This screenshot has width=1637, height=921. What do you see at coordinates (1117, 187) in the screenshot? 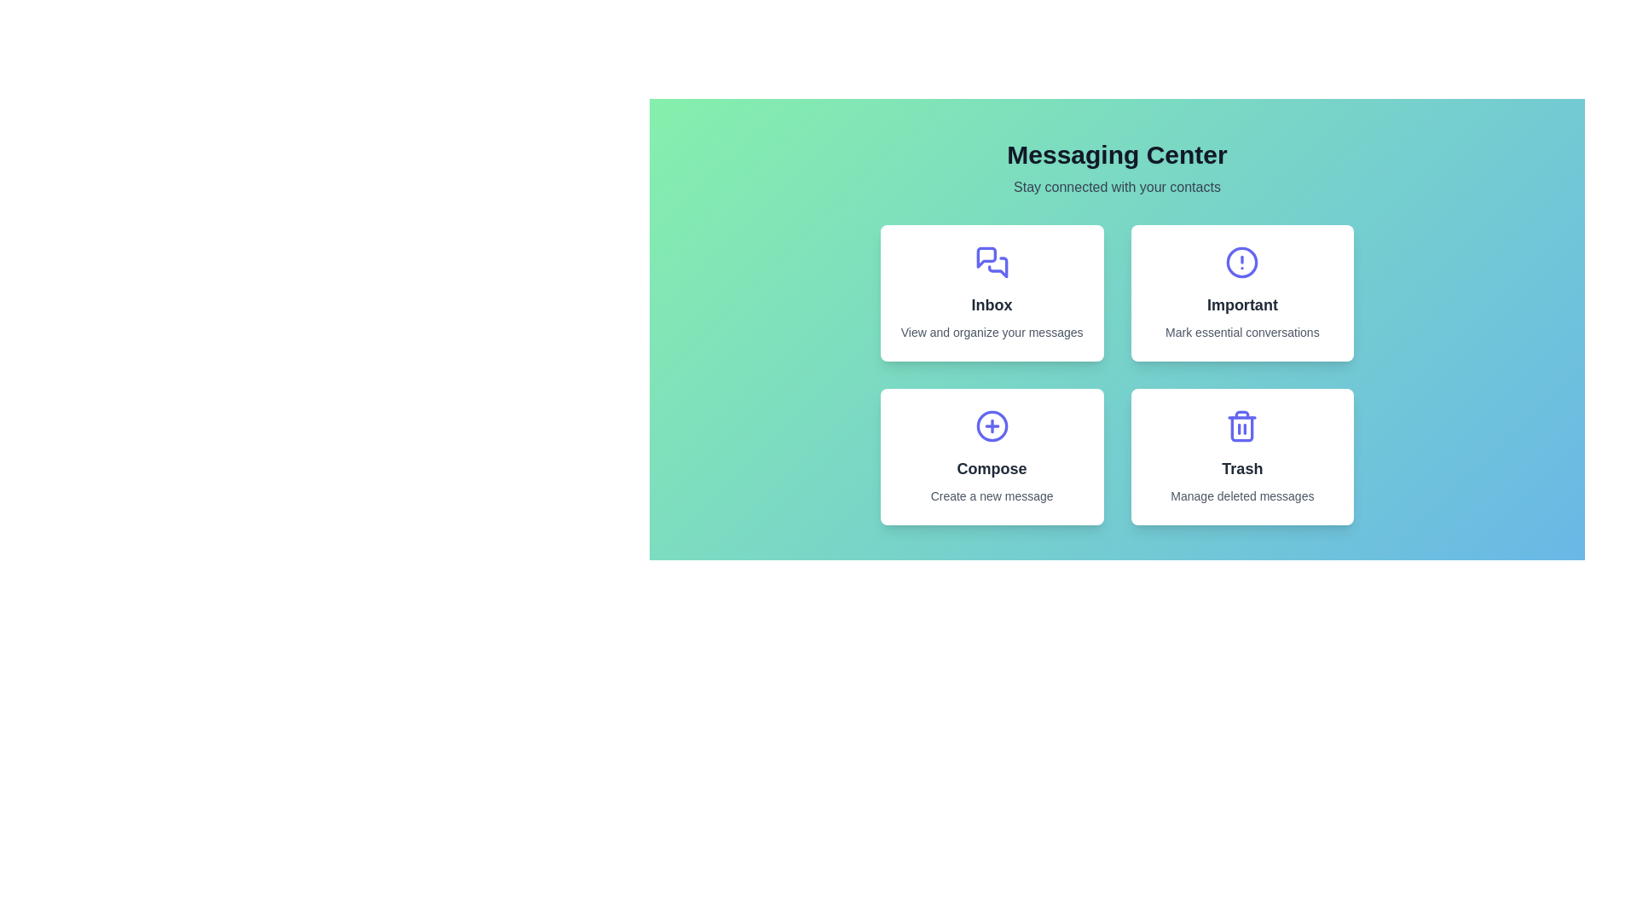
I see `the Text Label providing supportive information below the 'Messaging Center' heading, which emphasizes connectivity with contacts` at bounding box center [1117, 187].